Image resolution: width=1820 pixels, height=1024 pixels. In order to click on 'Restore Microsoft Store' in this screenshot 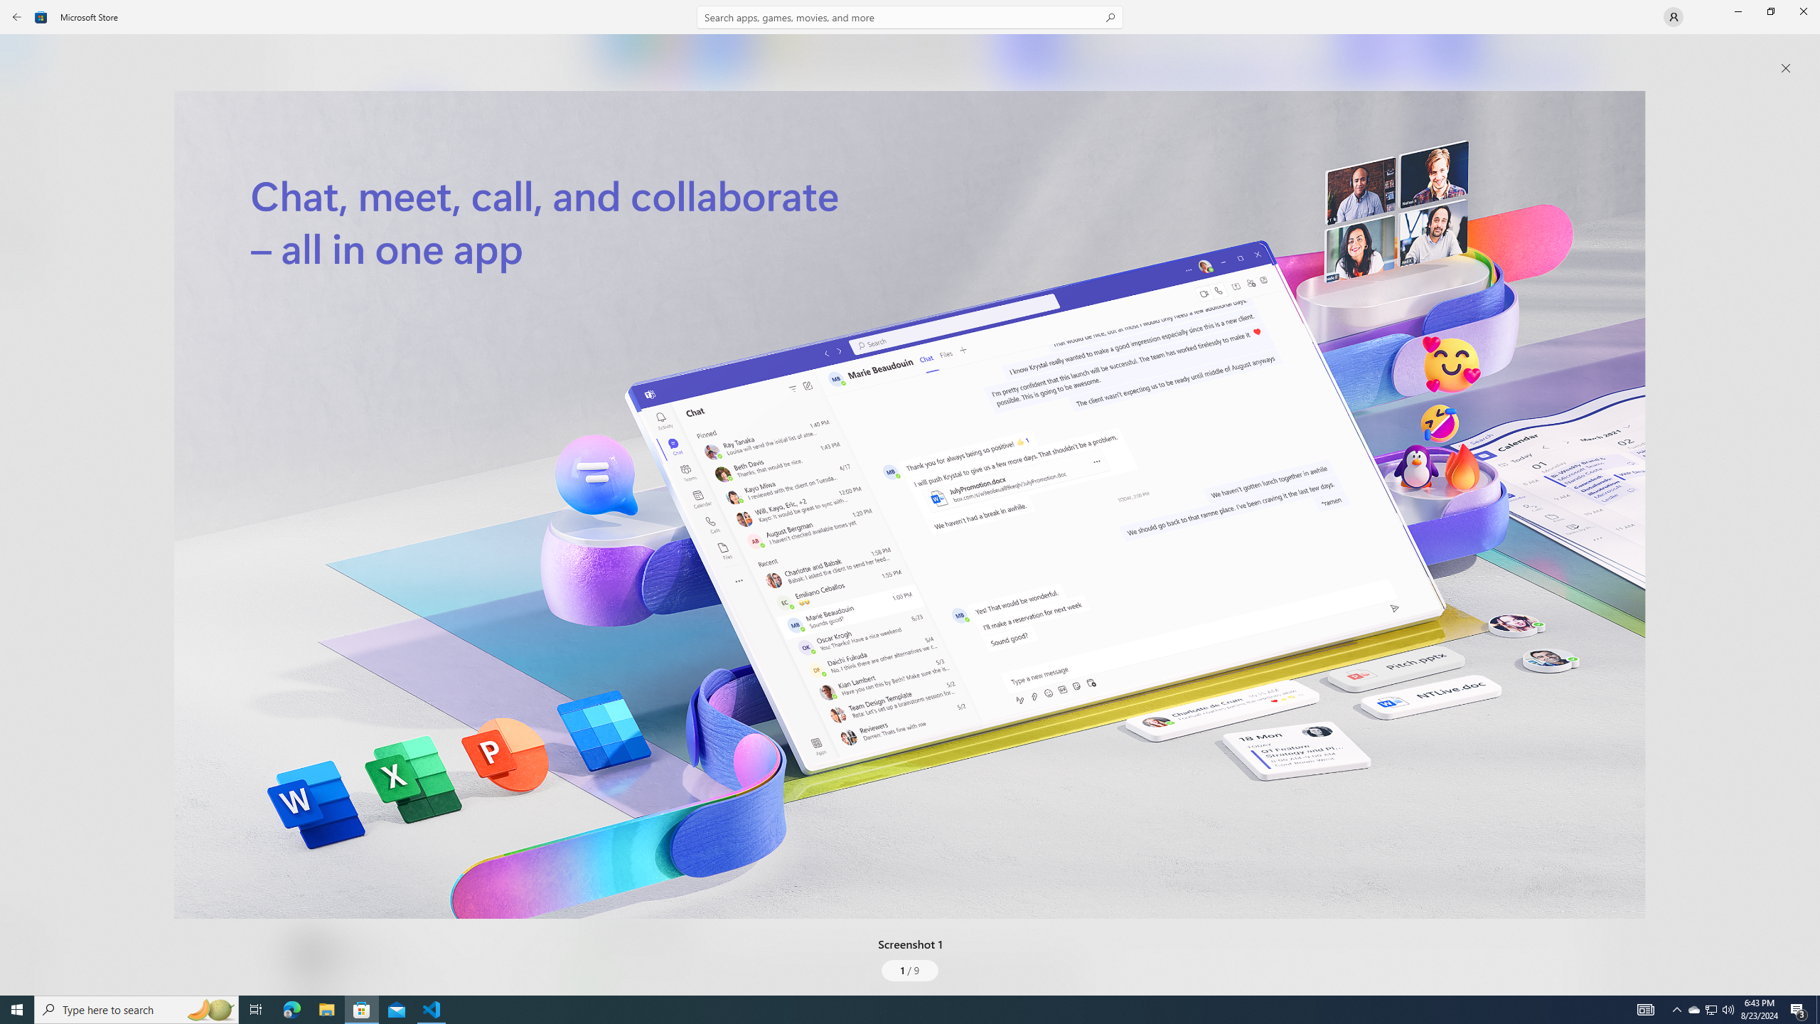, I will do `click(1770, 11)`.